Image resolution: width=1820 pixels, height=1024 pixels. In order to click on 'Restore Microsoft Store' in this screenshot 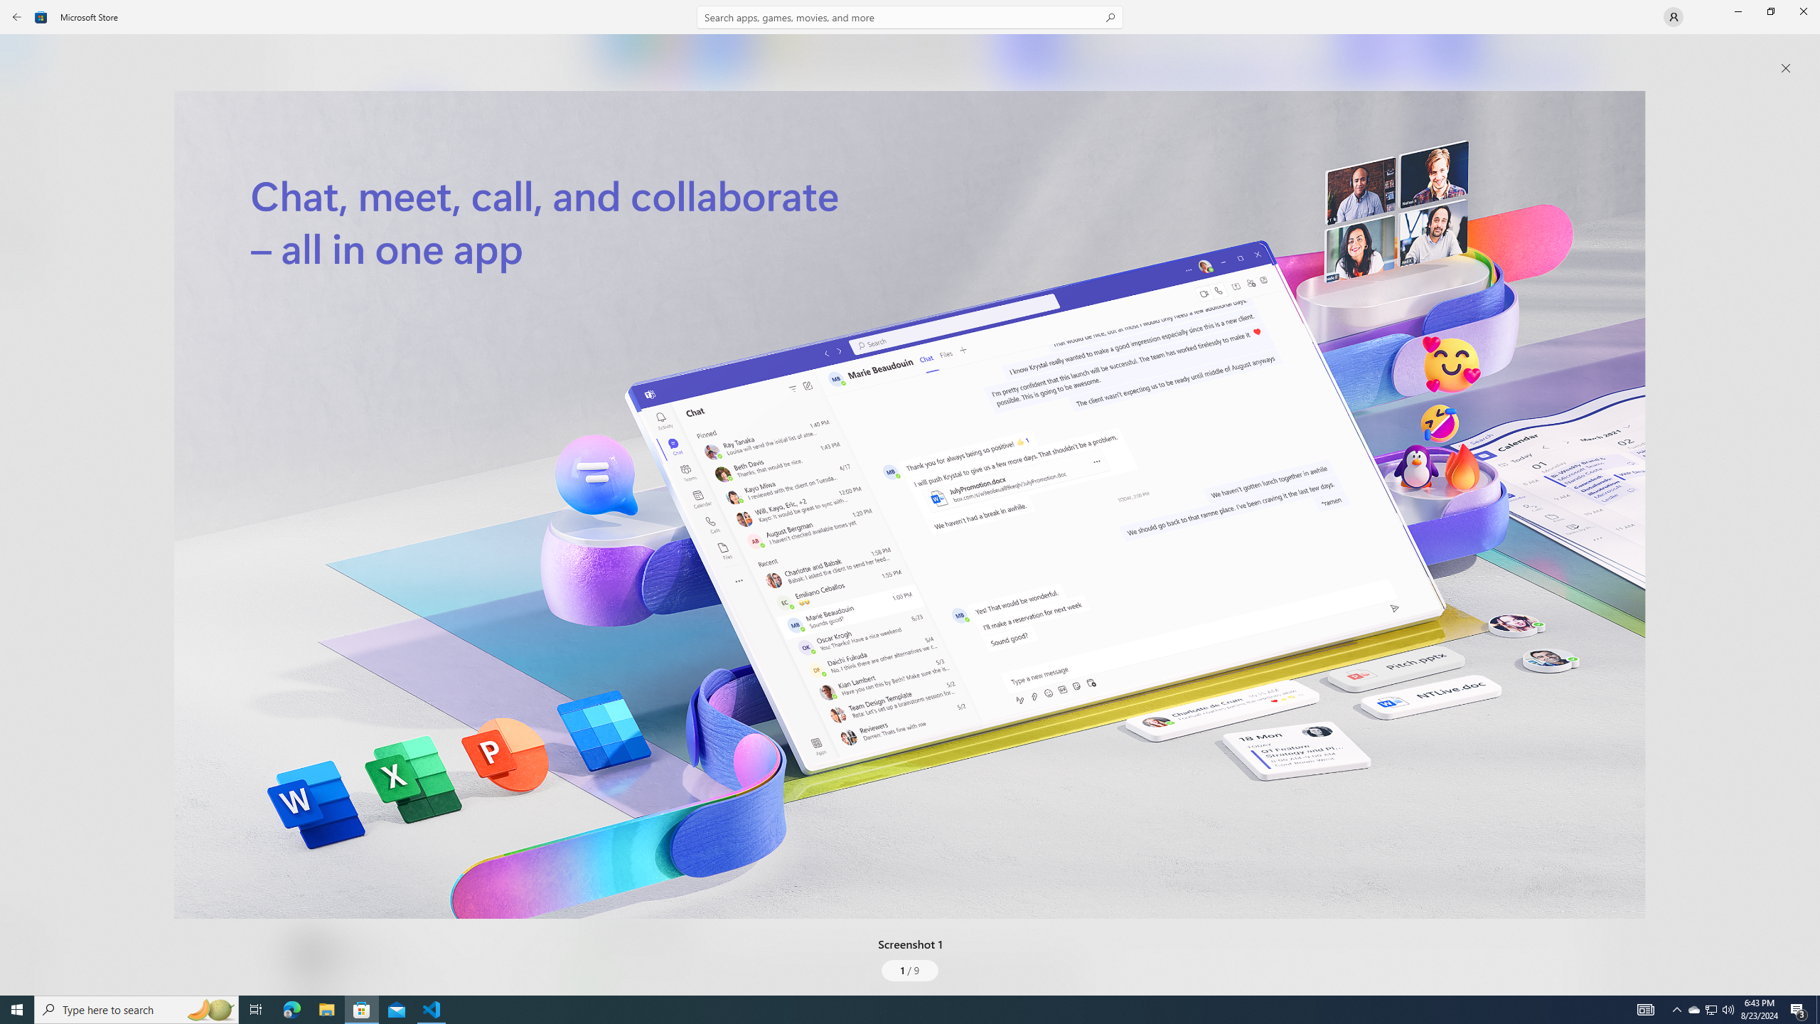, I will do `click(1770, 11)`.